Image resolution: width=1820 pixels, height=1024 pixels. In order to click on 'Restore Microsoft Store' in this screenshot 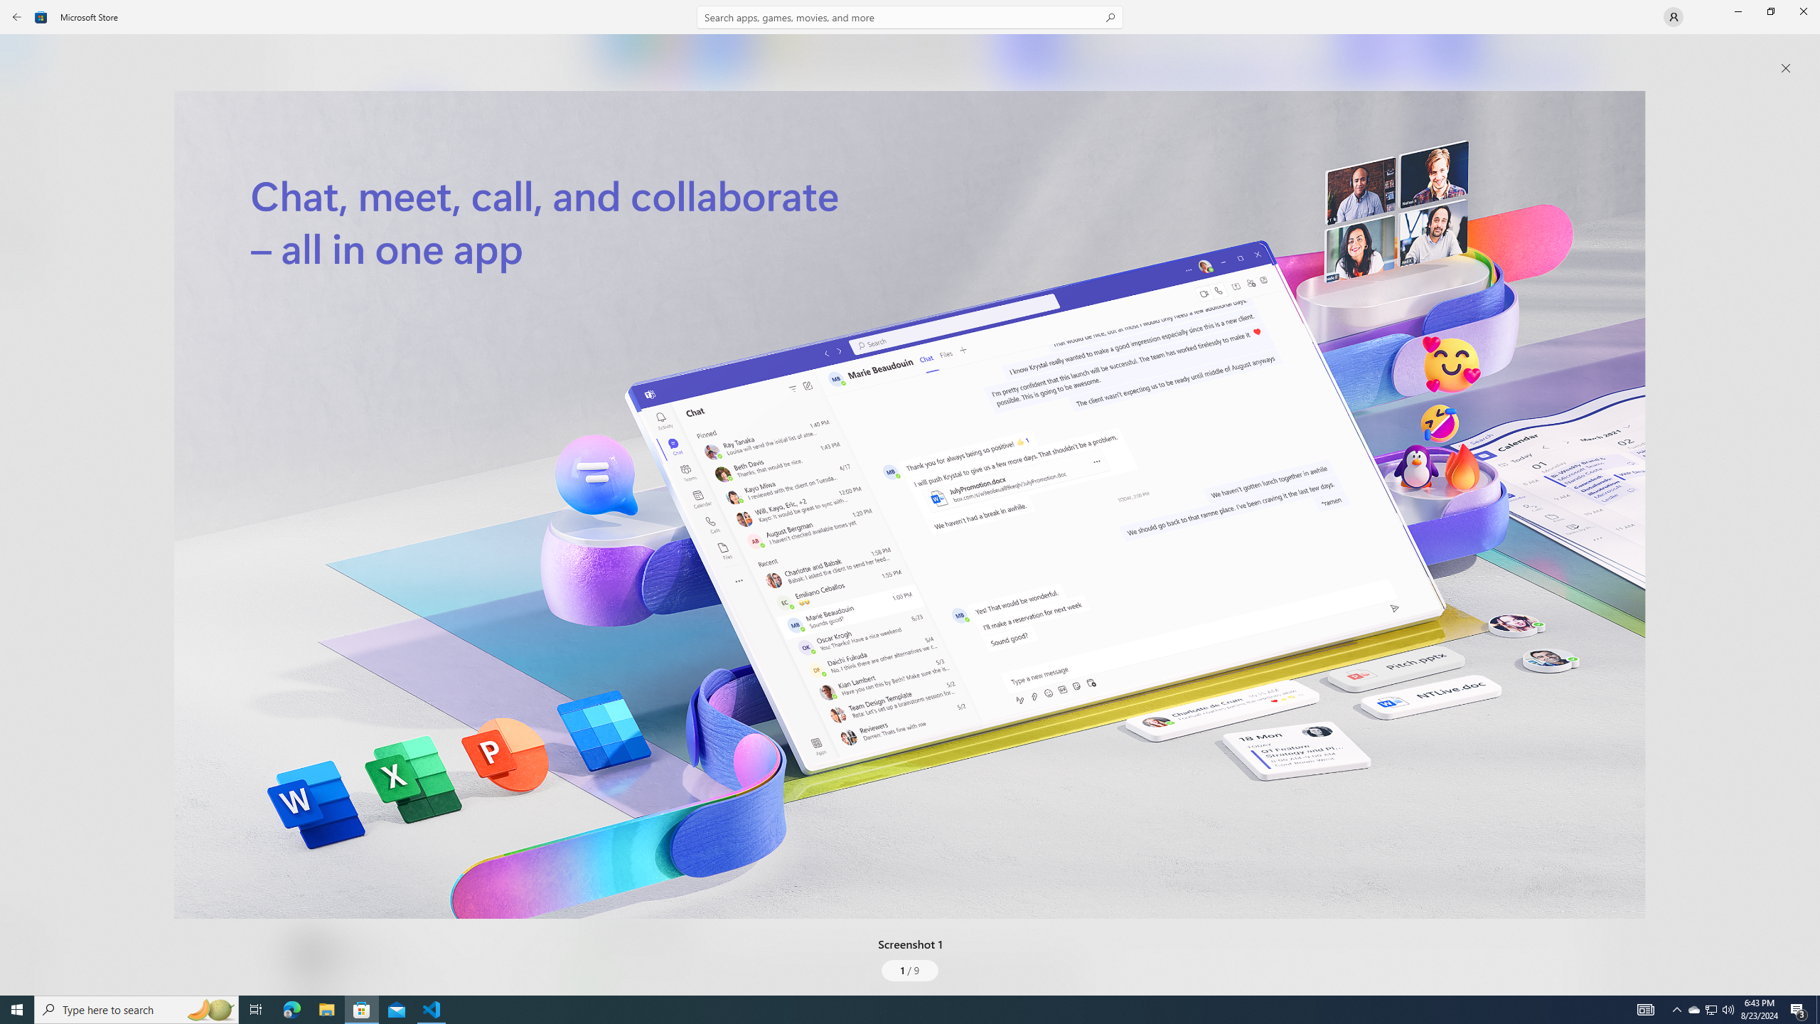, I will do `click(1770, 11)`.